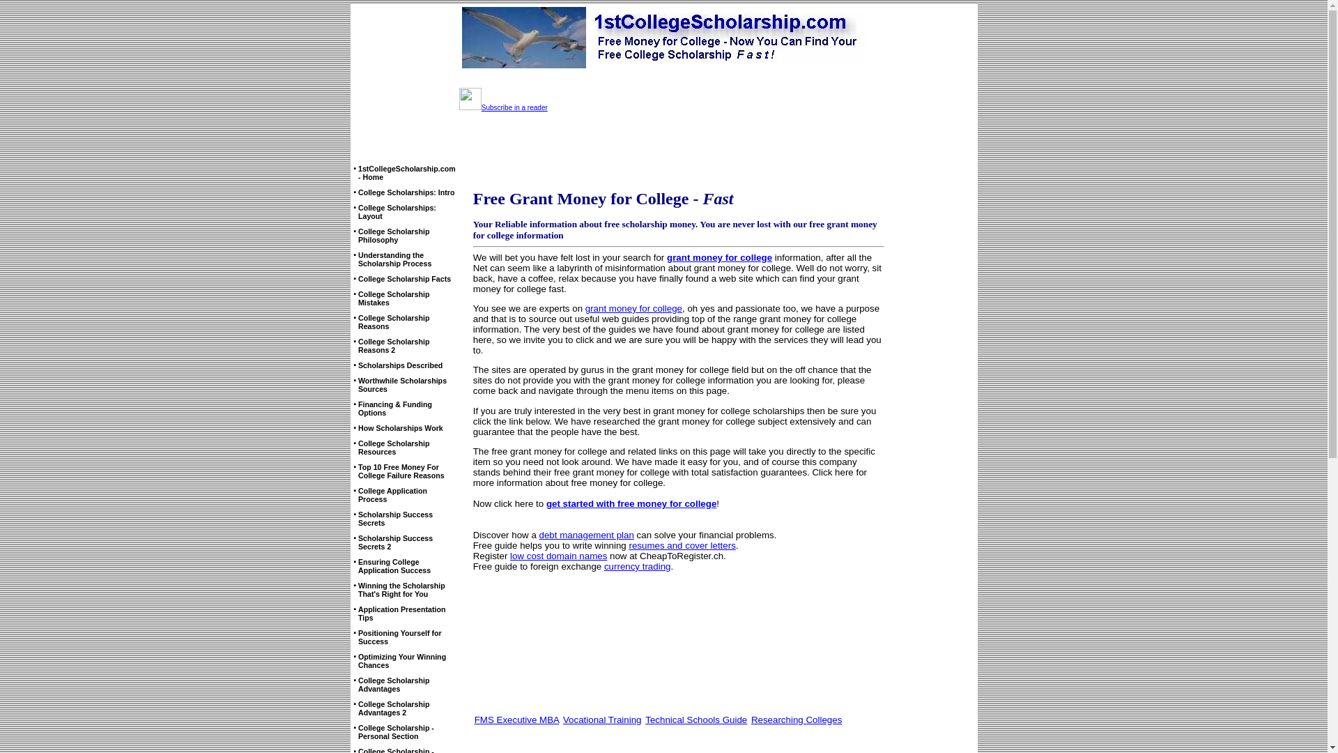 This screenshot has width=1338, height=753. Describe the element at coordinates (394, 408) in the screenshot. I see `'Financing & Funding Options'` at that location.